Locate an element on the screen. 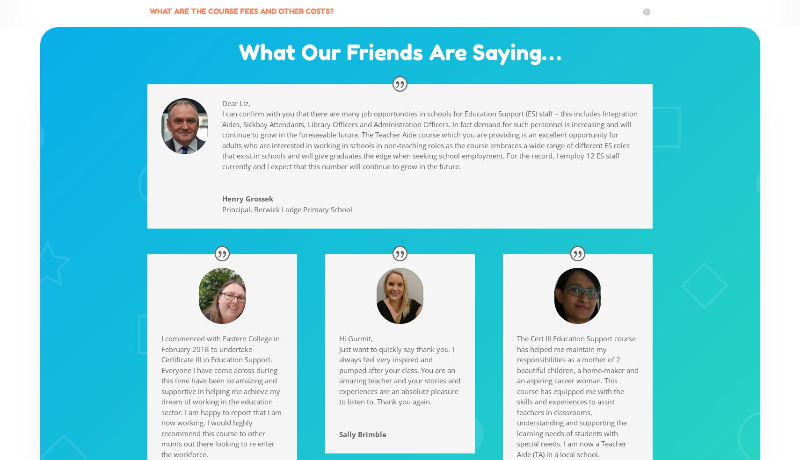 This screenshot has height=460, width=800. 'Berwick Lodge Primary School' is located at coordinates (303, 209).